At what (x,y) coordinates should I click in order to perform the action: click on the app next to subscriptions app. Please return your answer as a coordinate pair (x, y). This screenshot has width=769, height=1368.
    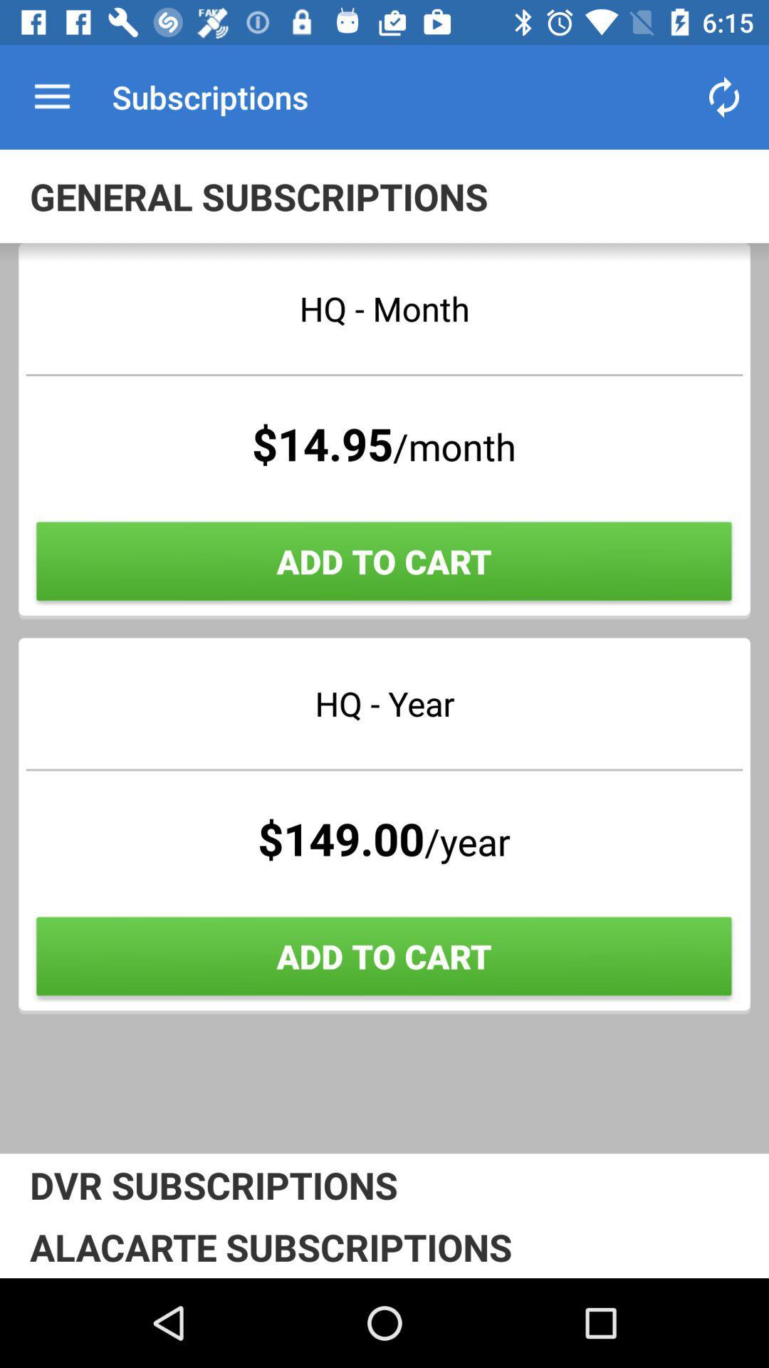
    Looking at the image, I should click on (51, 96).